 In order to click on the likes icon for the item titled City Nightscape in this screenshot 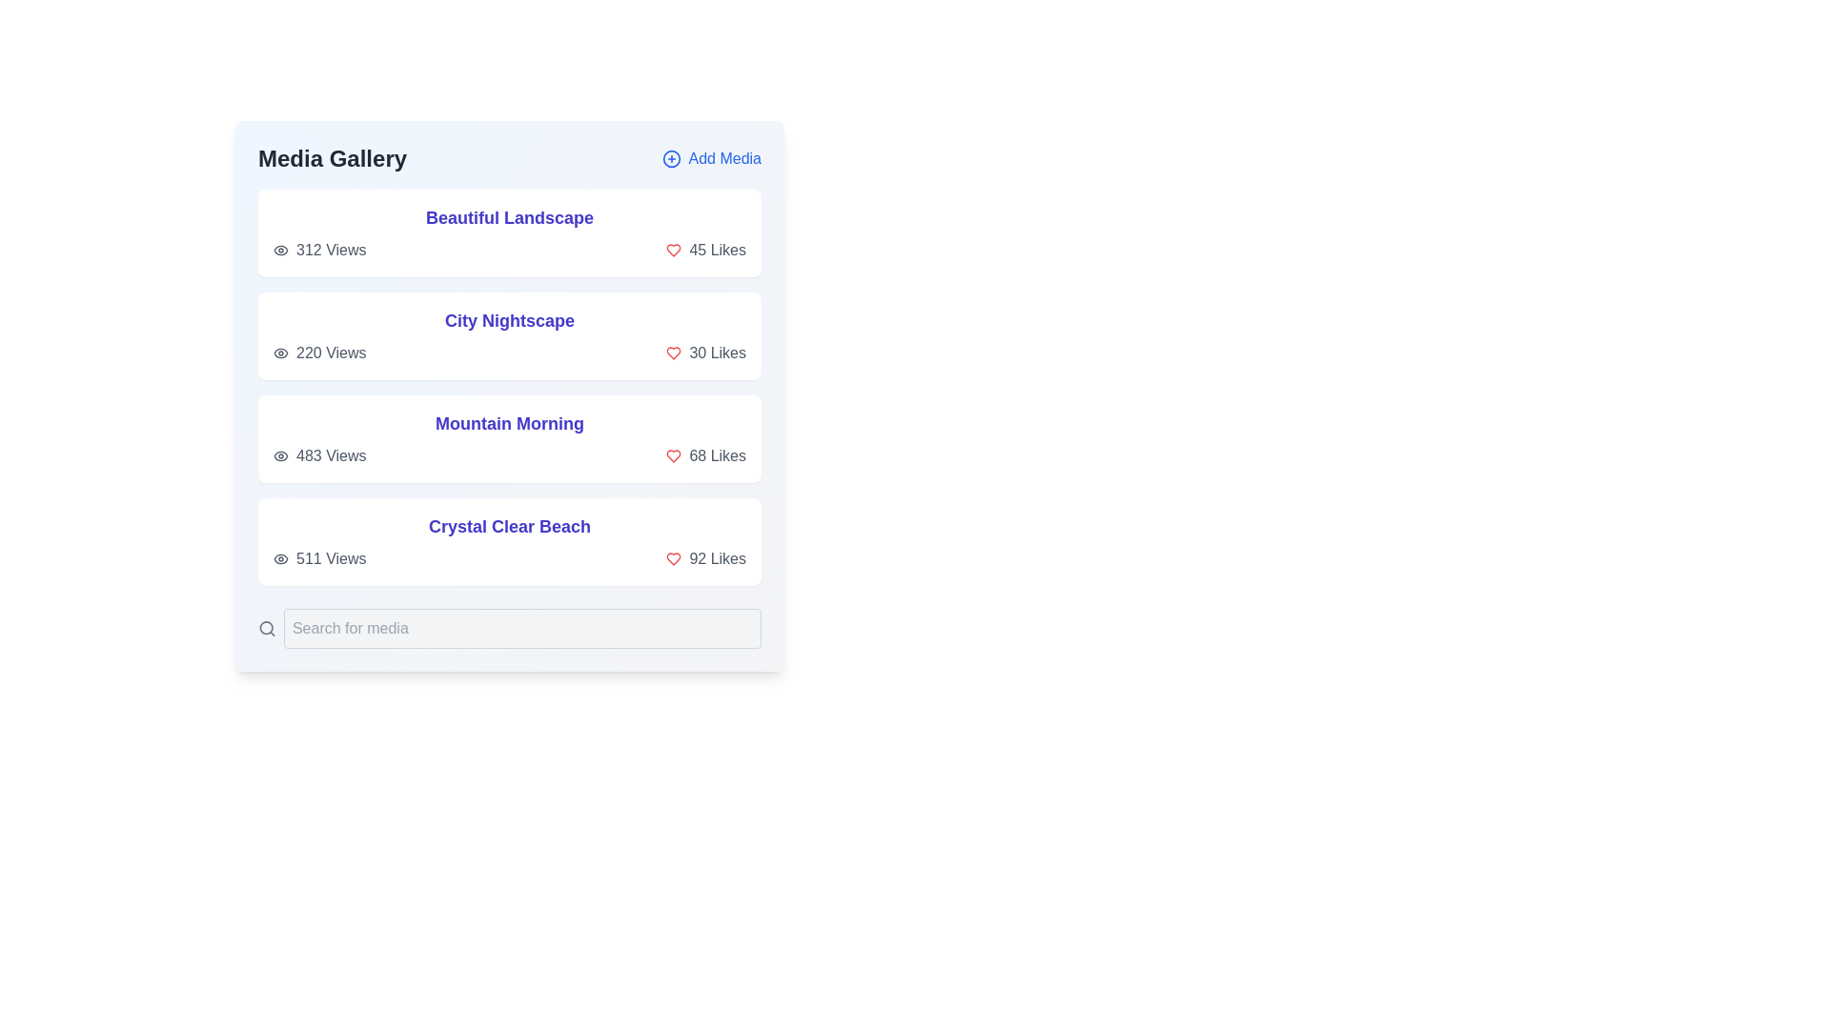, I will do `click(673, 353)`.